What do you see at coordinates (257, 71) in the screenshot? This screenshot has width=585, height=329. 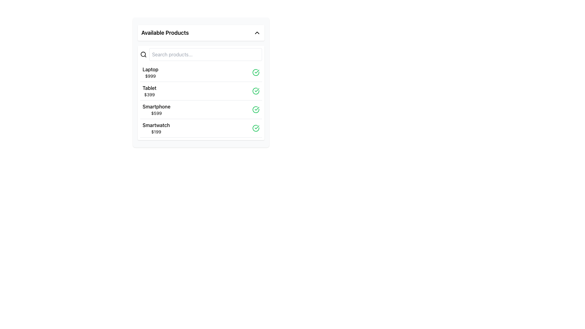 I see `the selection icon for the 'Tablet $399' in the product list, which indicates that the product is selected or confirmed` at bounding box center [257, 71].